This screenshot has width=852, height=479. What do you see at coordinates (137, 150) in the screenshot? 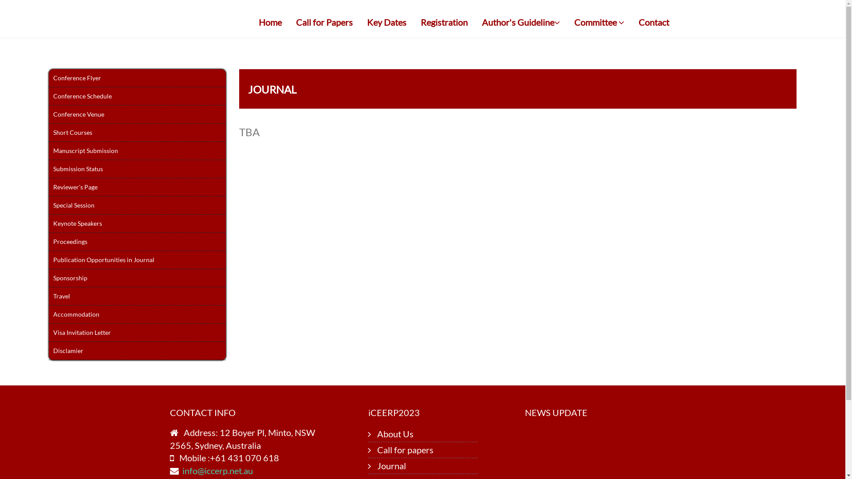
I see `'Manuscript Submission'` at bounding box center [137, 150].